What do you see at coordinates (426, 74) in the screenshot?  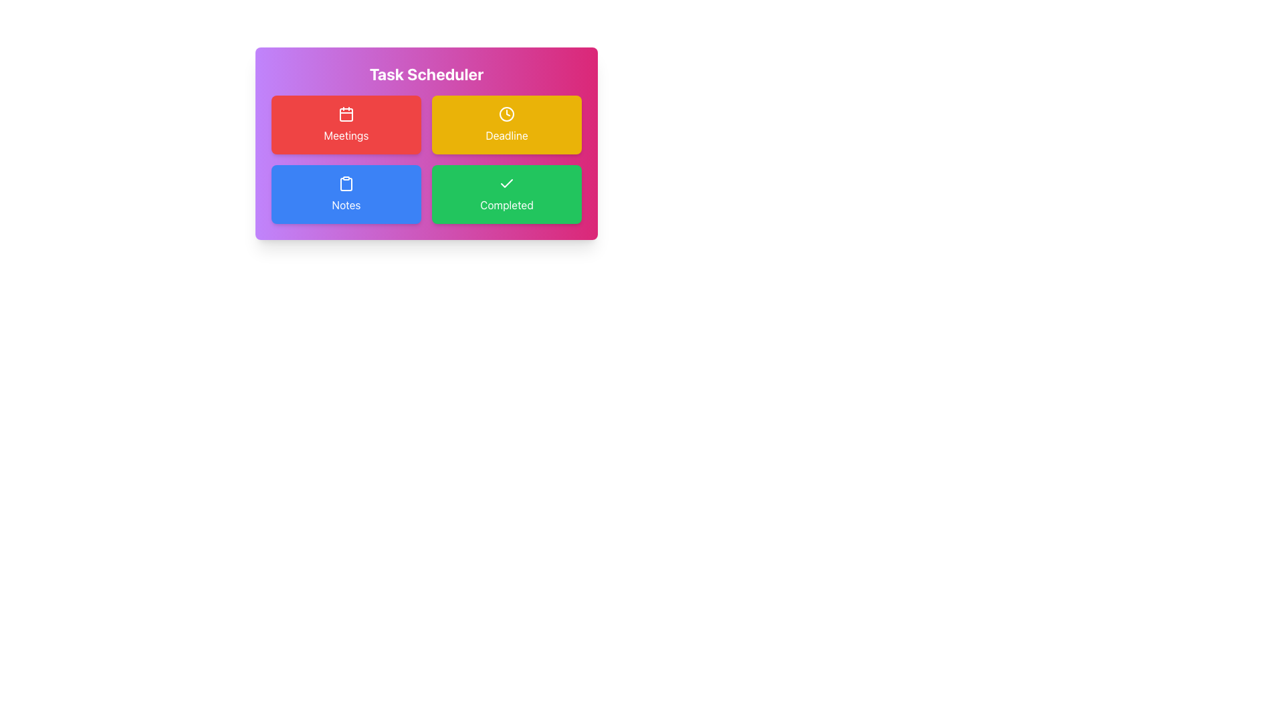 I see `the 'Task Scheduler' label at the top-center of the card, which is displayed in a bold, large white font against a gradient purple to pink background` at bounding box center [426, 74].